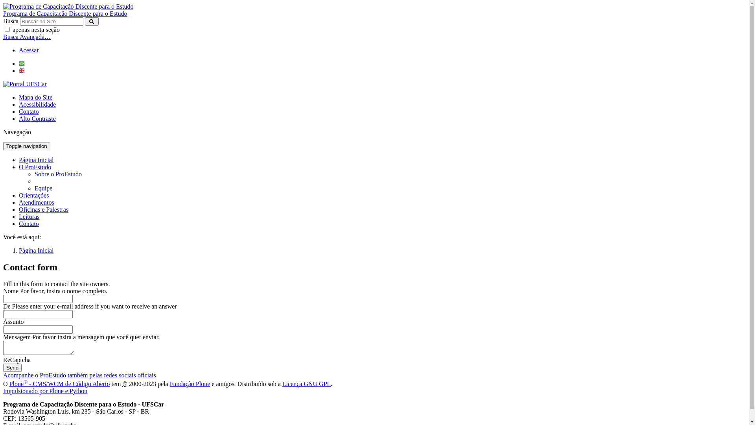  Describe the element at coordinates (29, 50) in the screenshot. I see `'Acessar'` at that location.